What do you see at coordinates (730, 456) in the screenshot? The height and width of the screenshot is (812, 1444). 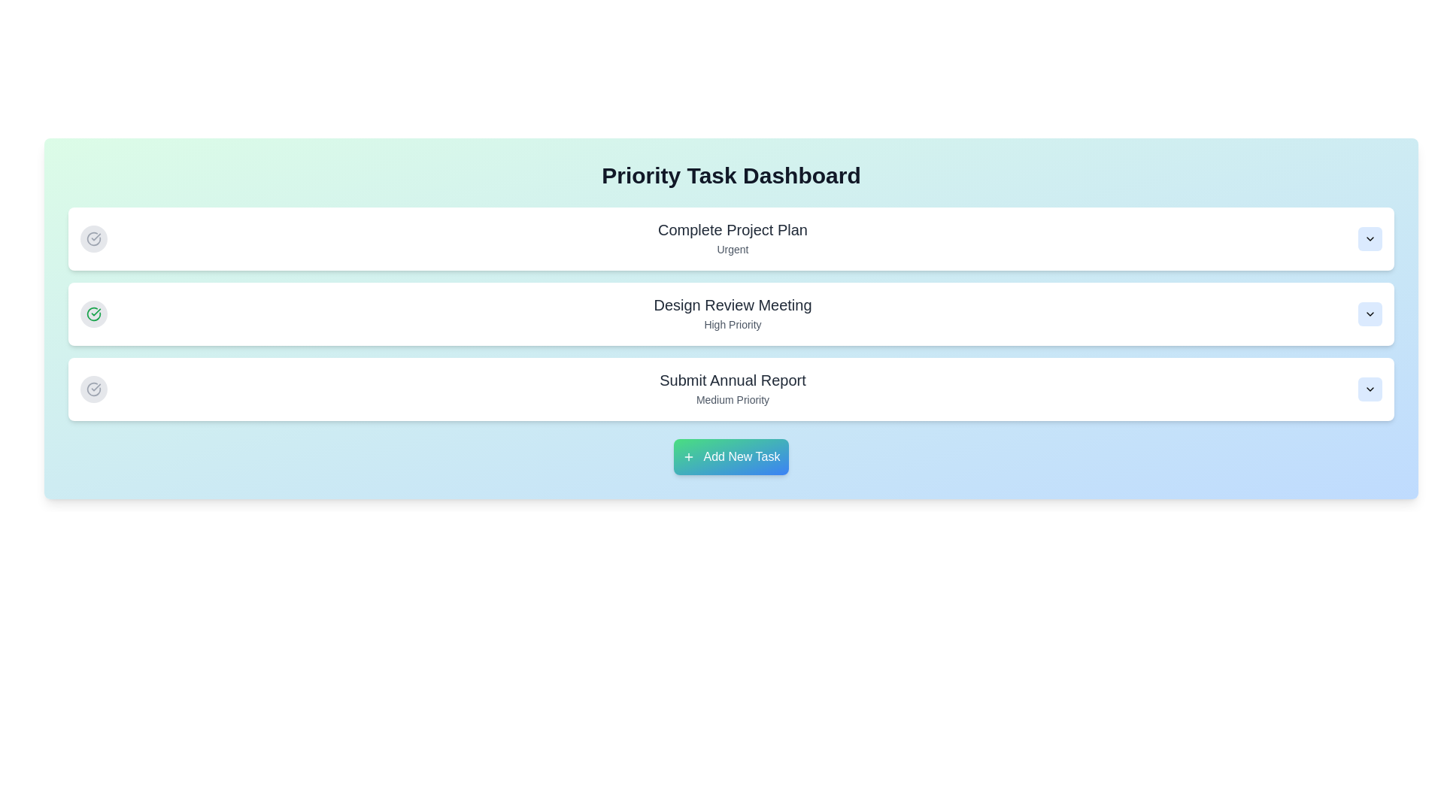 I see `'Add New Task' button to initiate the task addition process` at bounding box center [730, 456].